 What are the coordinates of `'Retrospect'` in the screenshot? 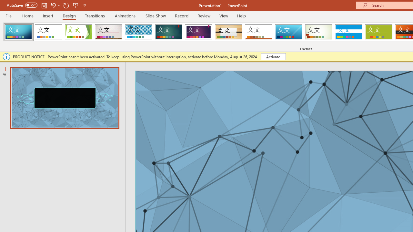 It's located at (258, 32).